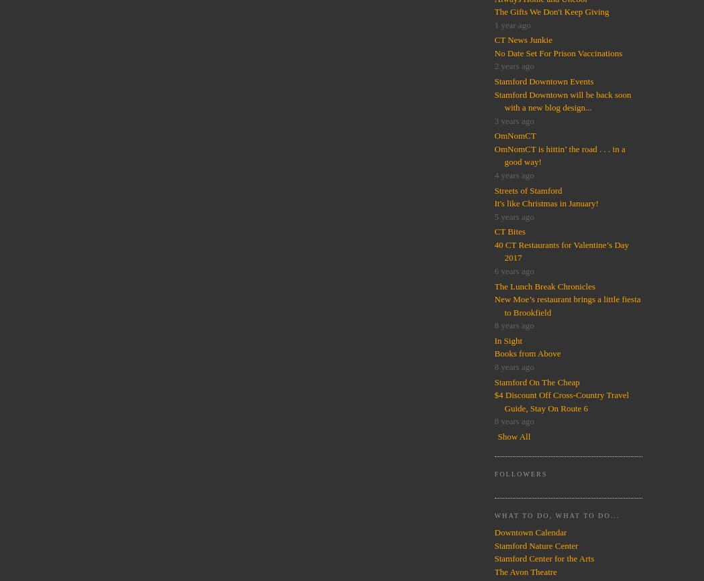 This screenshot has height=581, width=704. What do you see at coordinates (545, 203) in the screenshot?
I see `'It's like Christmas in January!'` at bounding box center [545, 203].